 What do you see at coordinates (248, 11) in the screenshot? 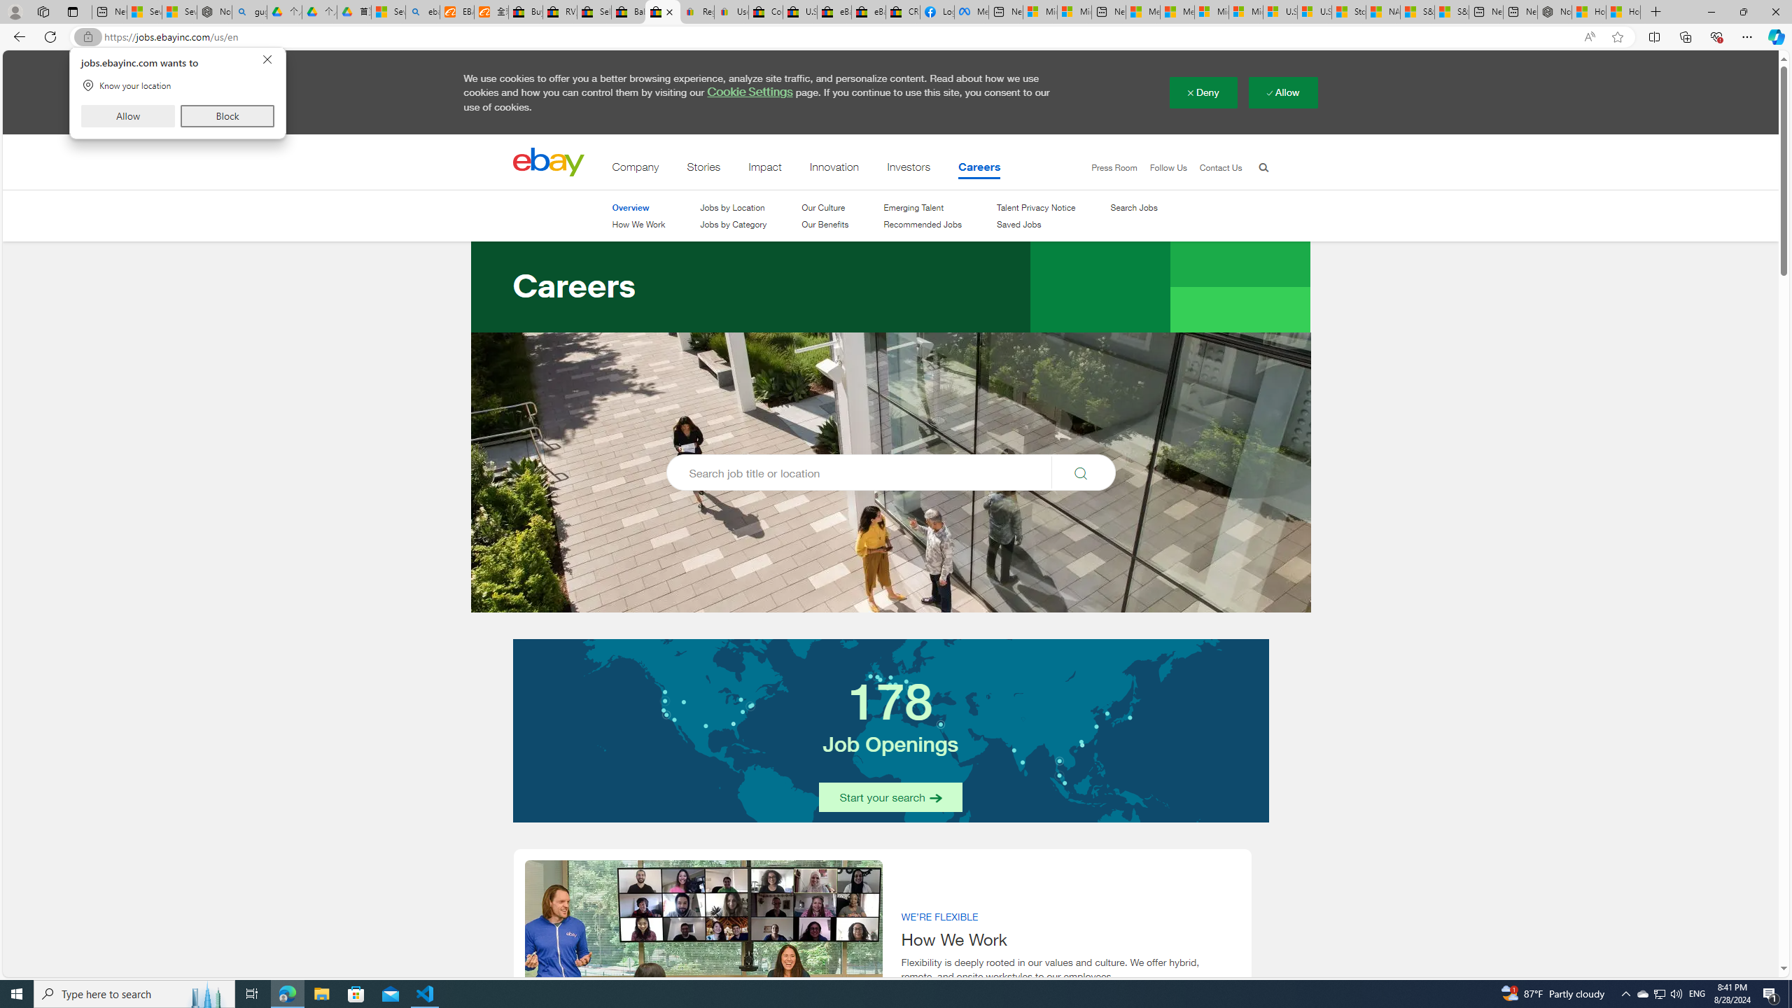
I see `'guge yunpan - Search'` at bounding box center [248, 11].